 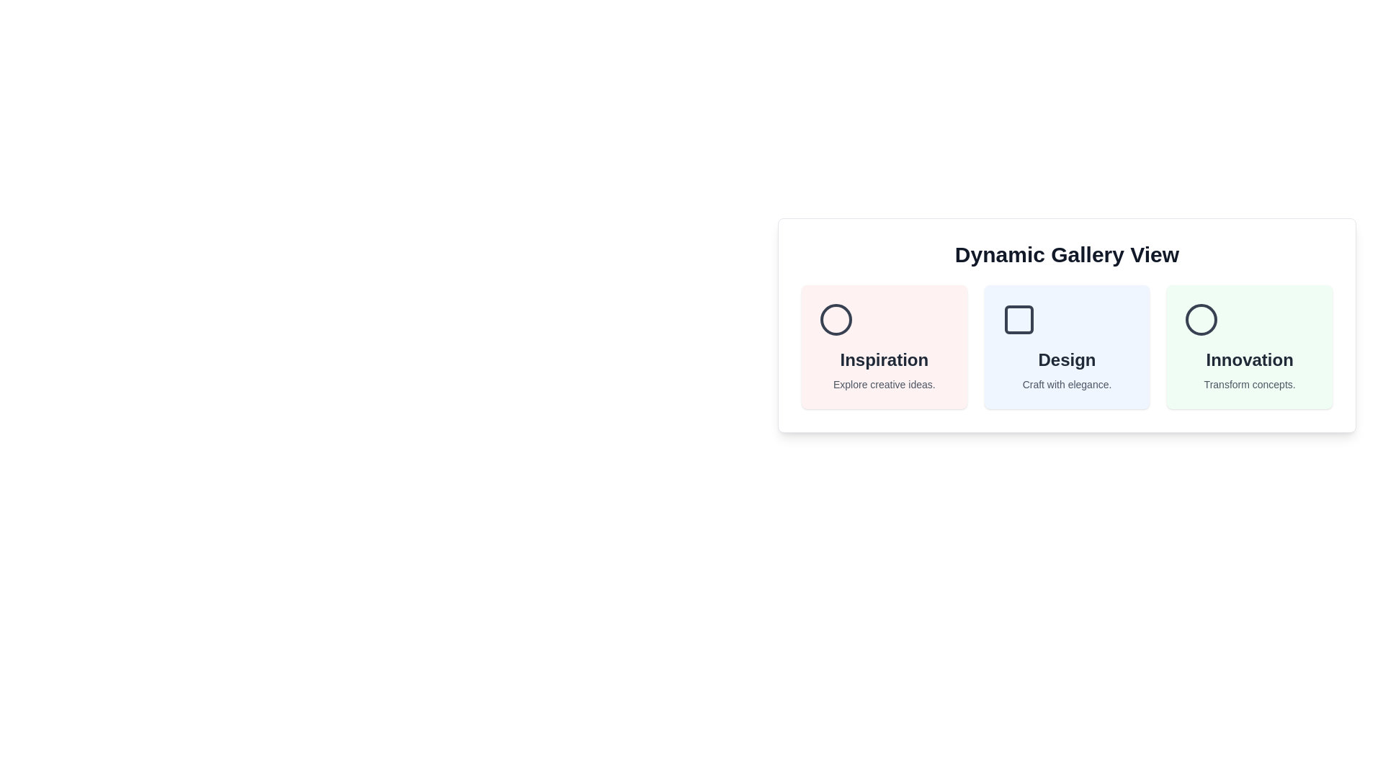 I want to click on icon representing the concept associated with the 'Innovation' card, located at the top-left corner inside the green-themed card labeled 'Innovation' with the subtitle 'Transform concepts.', so click(x=1201, y=318).